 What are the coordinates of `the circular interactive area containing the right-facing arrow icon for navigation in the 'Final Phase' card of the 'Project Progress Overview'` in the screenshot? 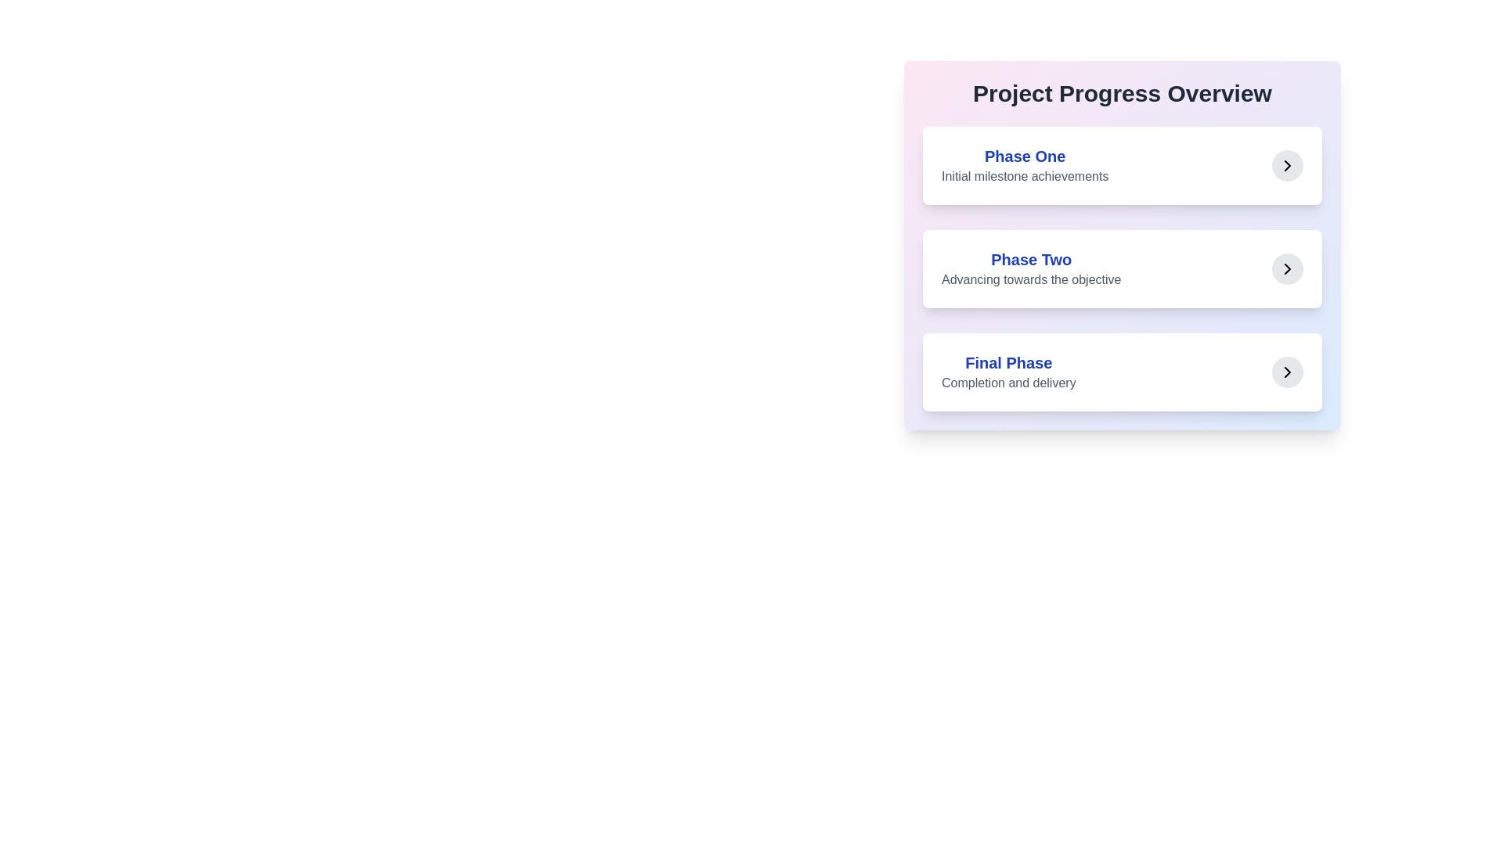 It's located at (1288, 372).